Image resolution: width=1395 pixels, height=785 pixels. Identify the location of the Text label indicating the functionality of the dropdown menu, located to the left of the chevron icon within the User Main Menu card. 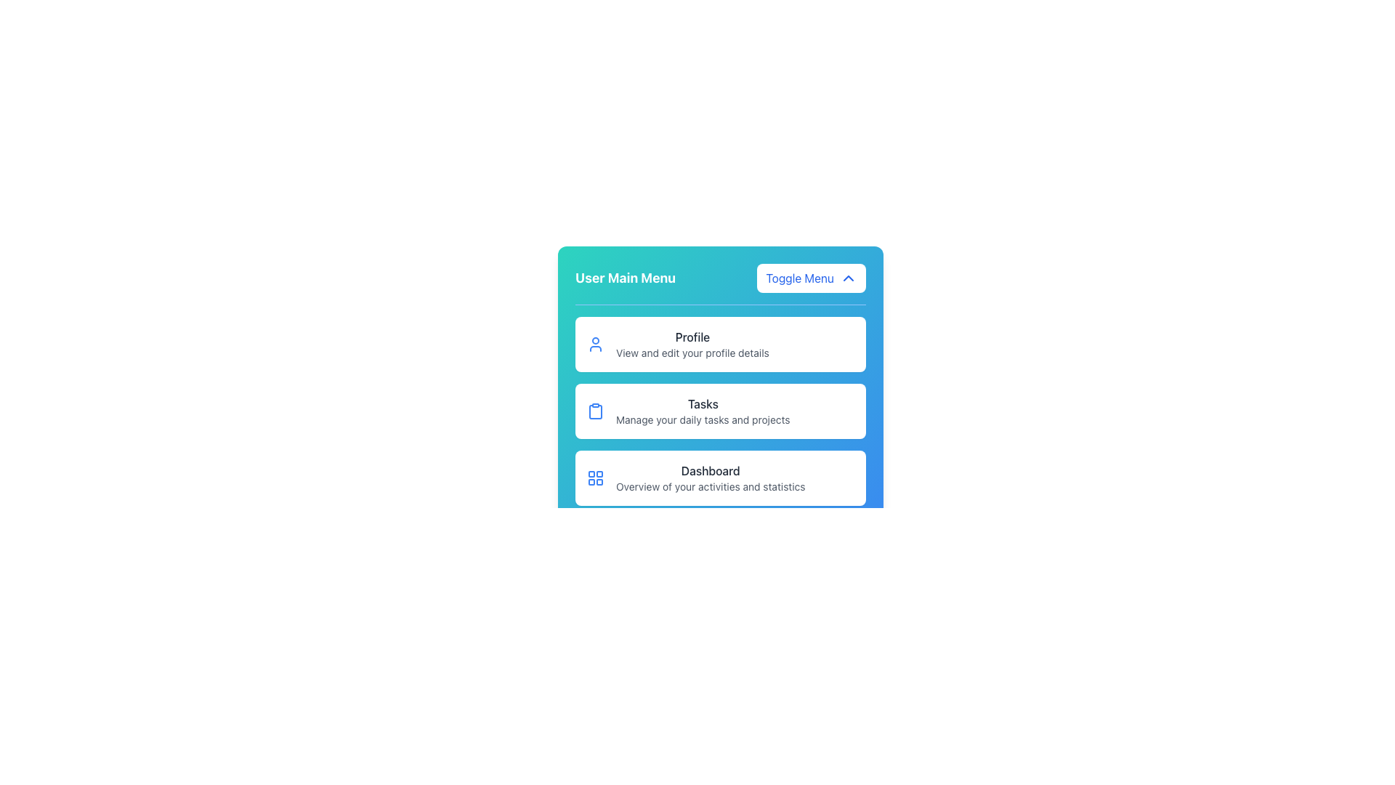
(799, 278).